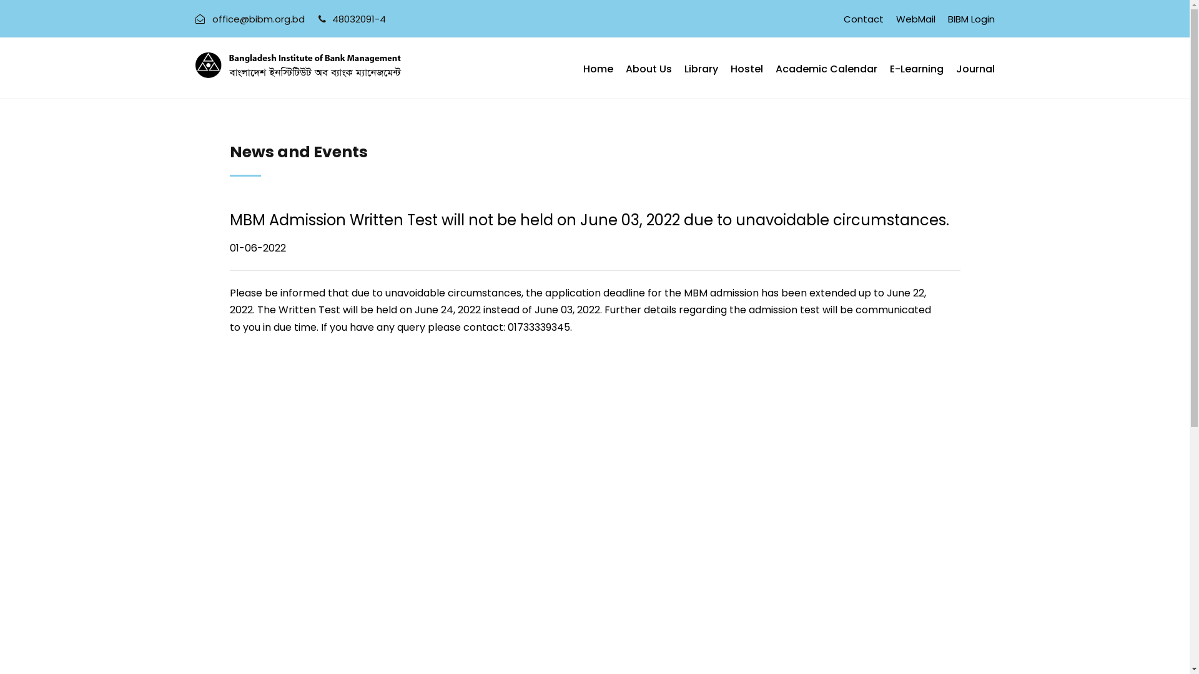 This screenshot has height=674, width=1199. I want to click on 'Contact', so click(862, 24).